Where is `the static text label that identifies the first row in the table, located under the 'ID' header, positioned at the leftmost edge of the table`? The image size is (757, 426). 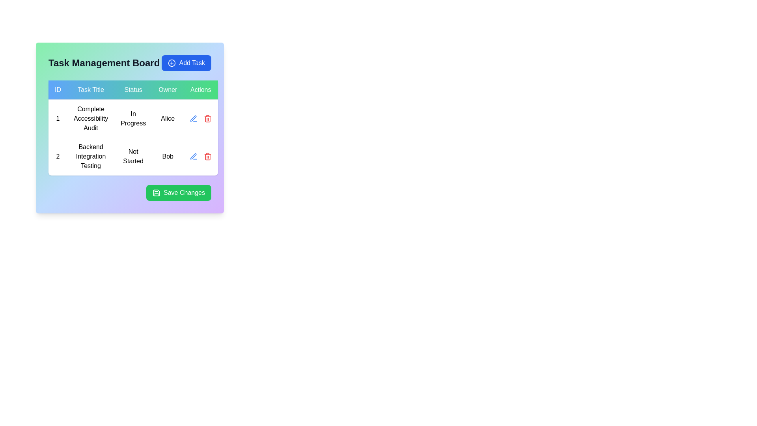
the static text label that identifies the first row in the table, located under the 'ID' header, positioned at the leftmost edge of the table is located at coordinates (58, 118).